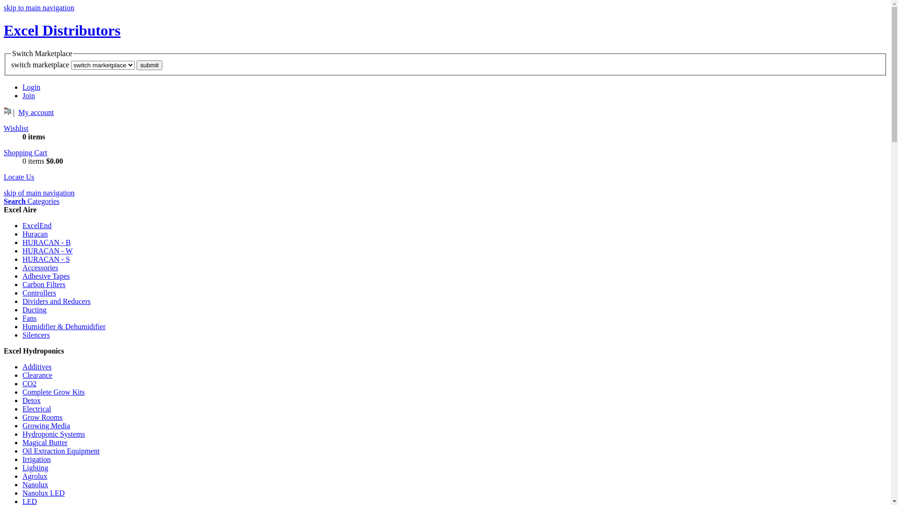 This screenshot has width=898, height=505. What do you see at coordinates (60, 450) in the screenshot?
I see `'Oil Extraction Equipment'` at bounding box center [60, 450].